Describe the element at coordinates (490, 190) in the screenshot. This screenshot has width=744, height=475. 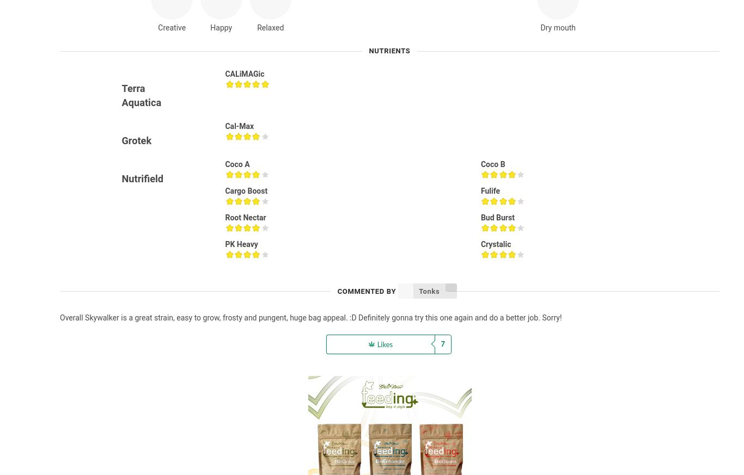
I see `'Fulife'` at that location.